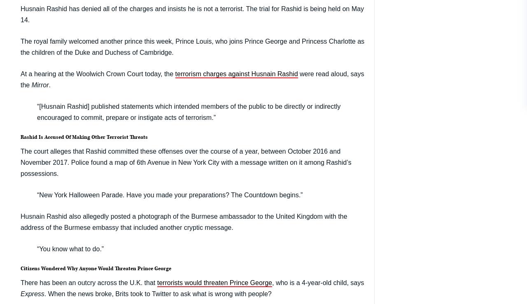 Image resolution: width=527 pixels, height=304 pixels. Describe the element at coordinates (98, 73) in the screenshot. I see `'At a hearing at the Woolwich Crown Court today, the'` at that location.